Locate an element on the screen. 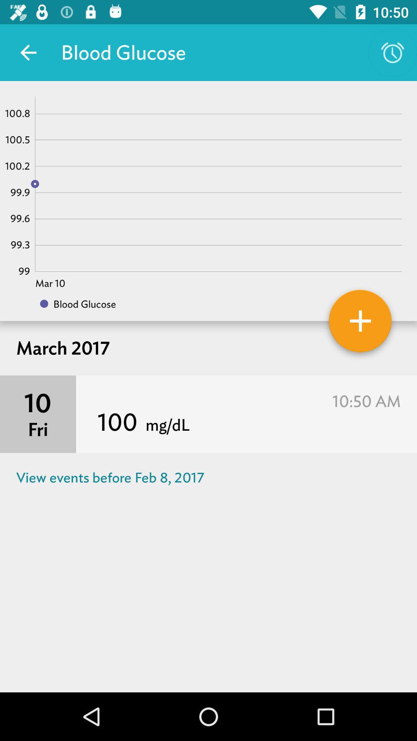 This screenshot has height=741, width=417. the add icon is located at coordinates (360, 324).